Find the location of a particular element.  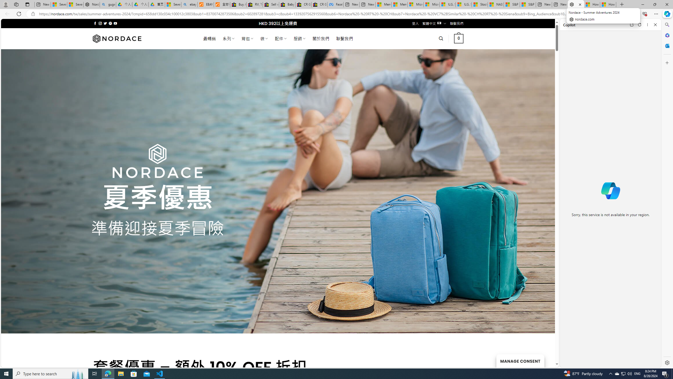

'Follow on Instagram' is located at coordinates (100, 23).